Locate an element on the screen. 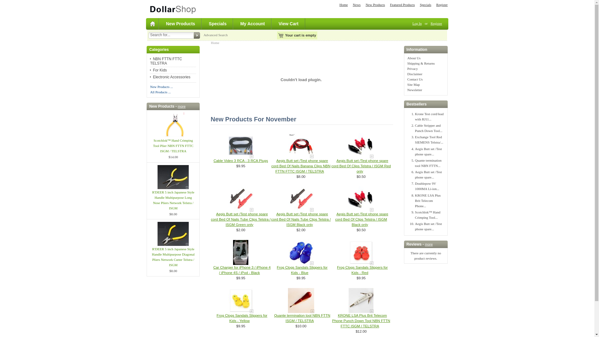  'Advanced Search' is located at coordinates (215, 35).